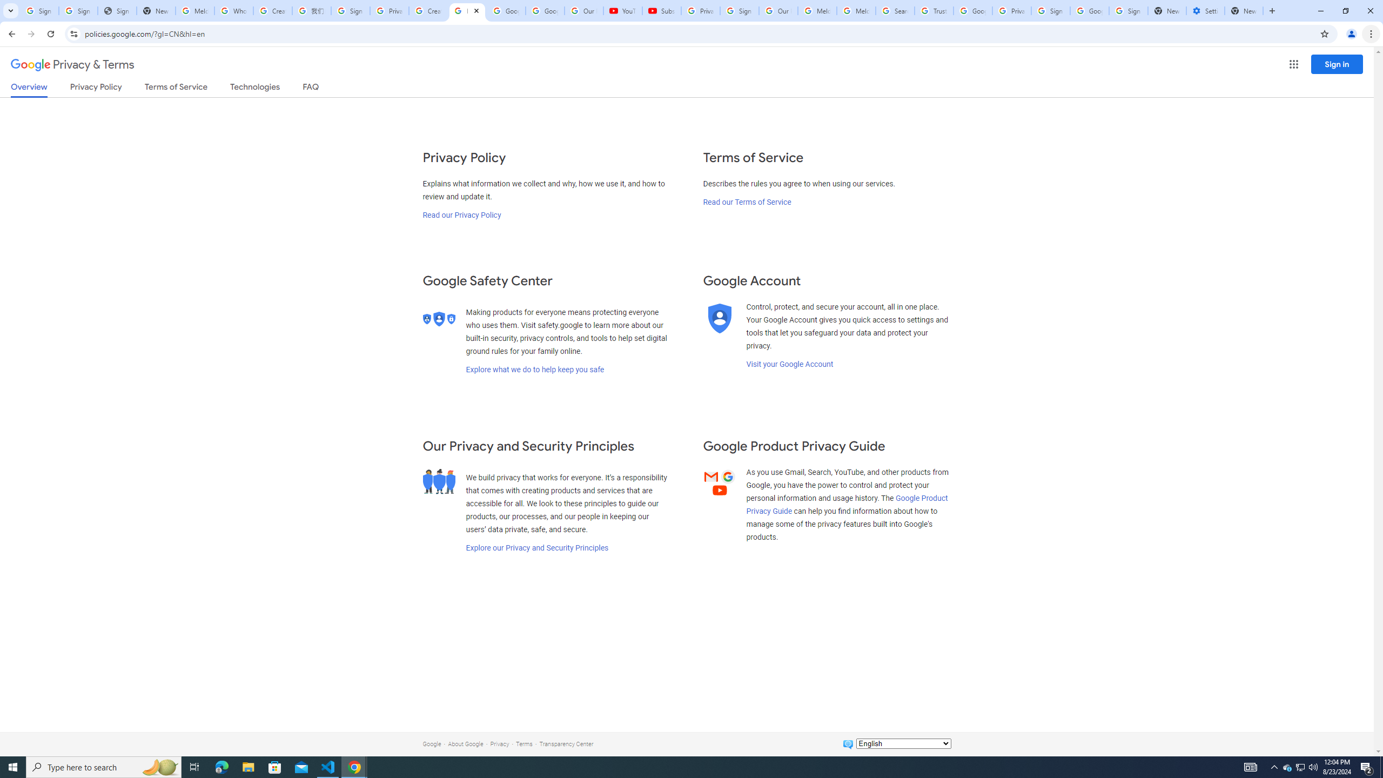 The height and width of the screenshot is (778, 1383). Describe the element at coordinates (746, 201) in the screenshot. I see `'Read our Terms of Service'` at that location.